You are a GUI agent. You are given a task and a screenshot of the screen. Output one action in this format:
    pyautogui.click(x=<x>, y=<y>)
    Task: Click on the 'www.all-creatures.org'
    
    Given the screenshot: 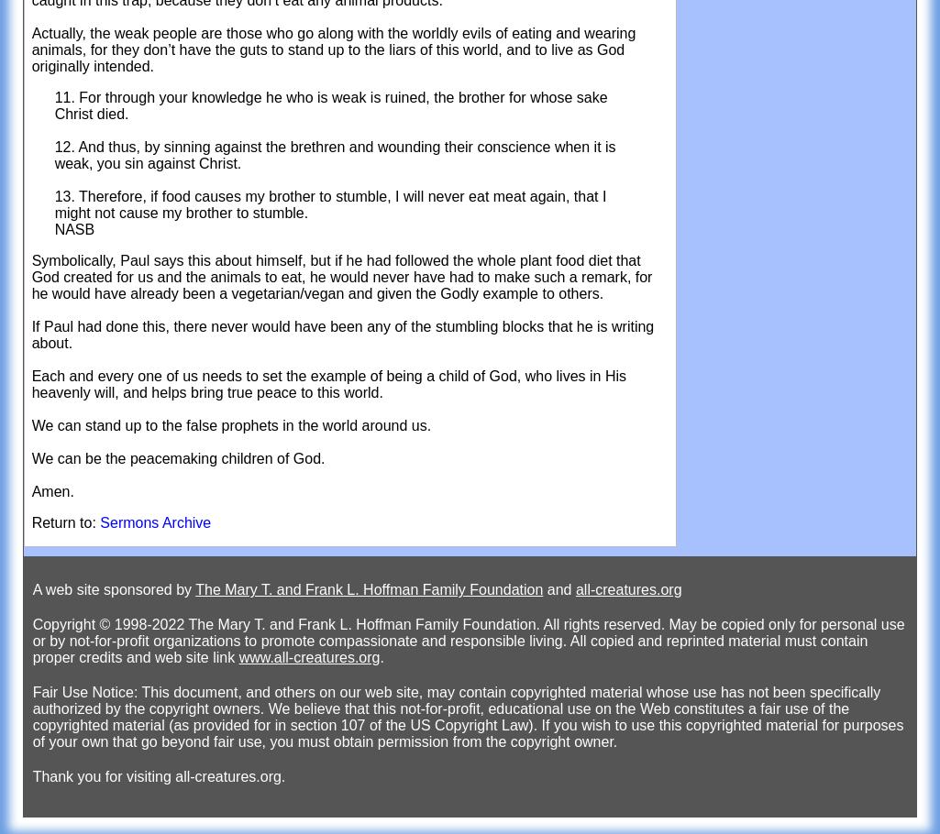 What is the action you would take?
    pyautogui.click(x=308, y=656)
    